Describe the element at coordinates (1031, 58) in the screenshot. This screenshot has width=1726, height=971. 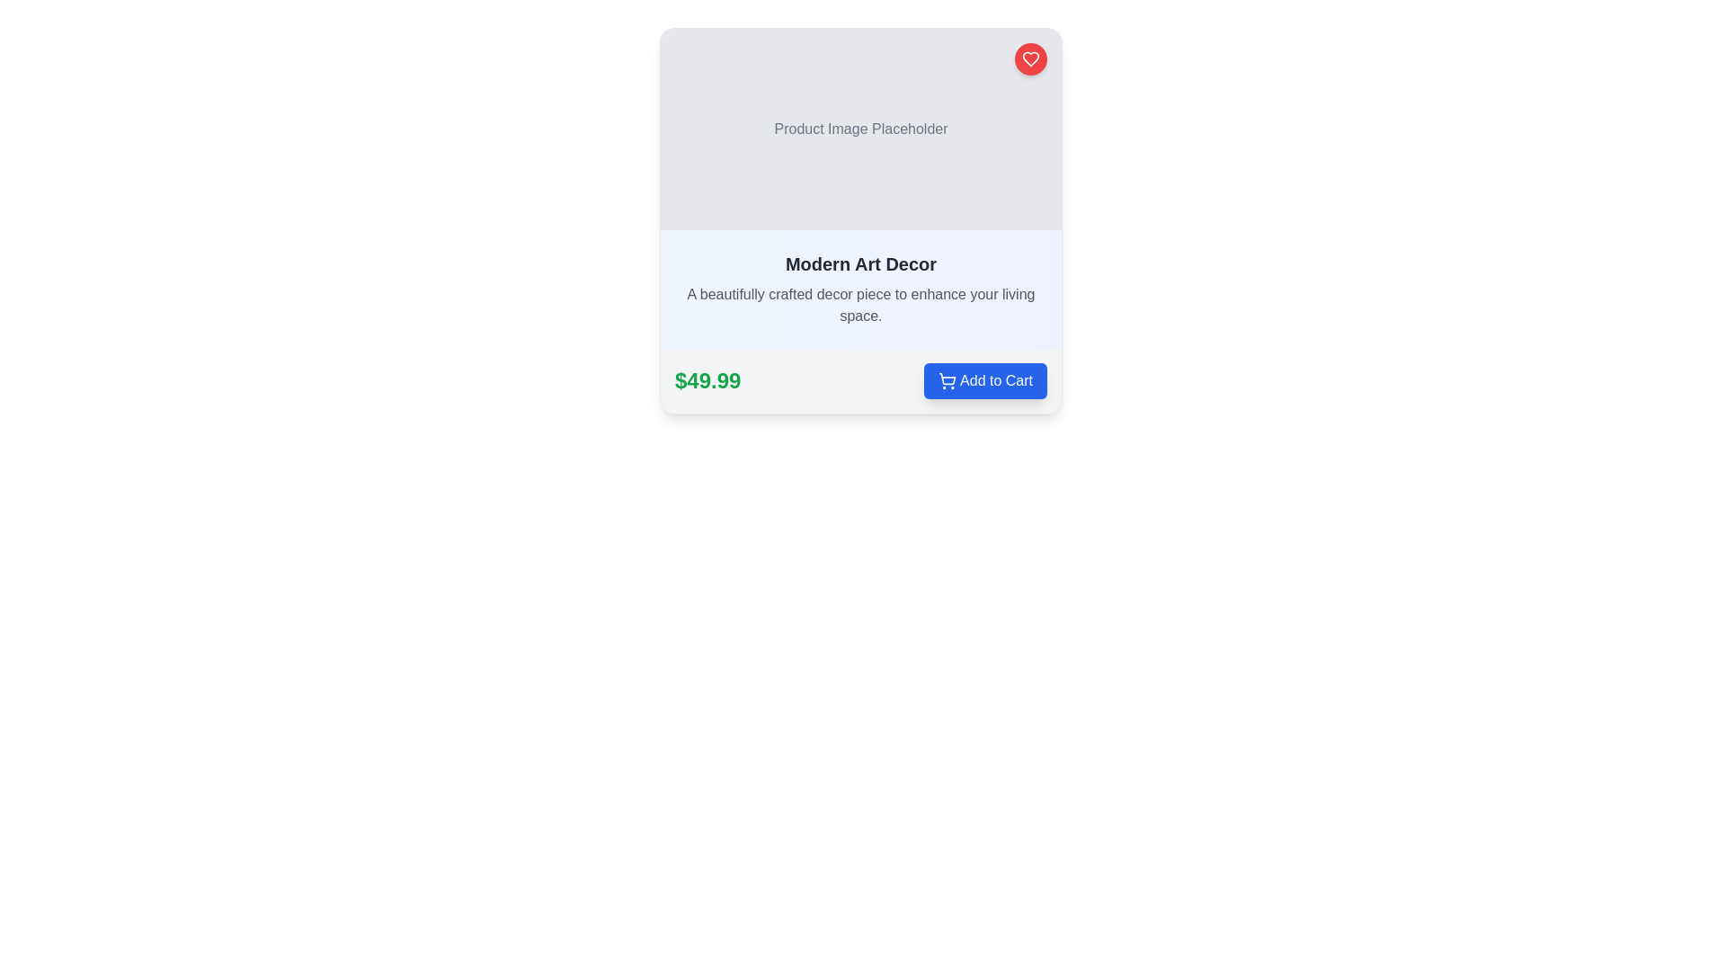
I see `the heart icon, styled with a red fill and located in the top-right corner of a card interface, to trigger the tooltip` at that location.